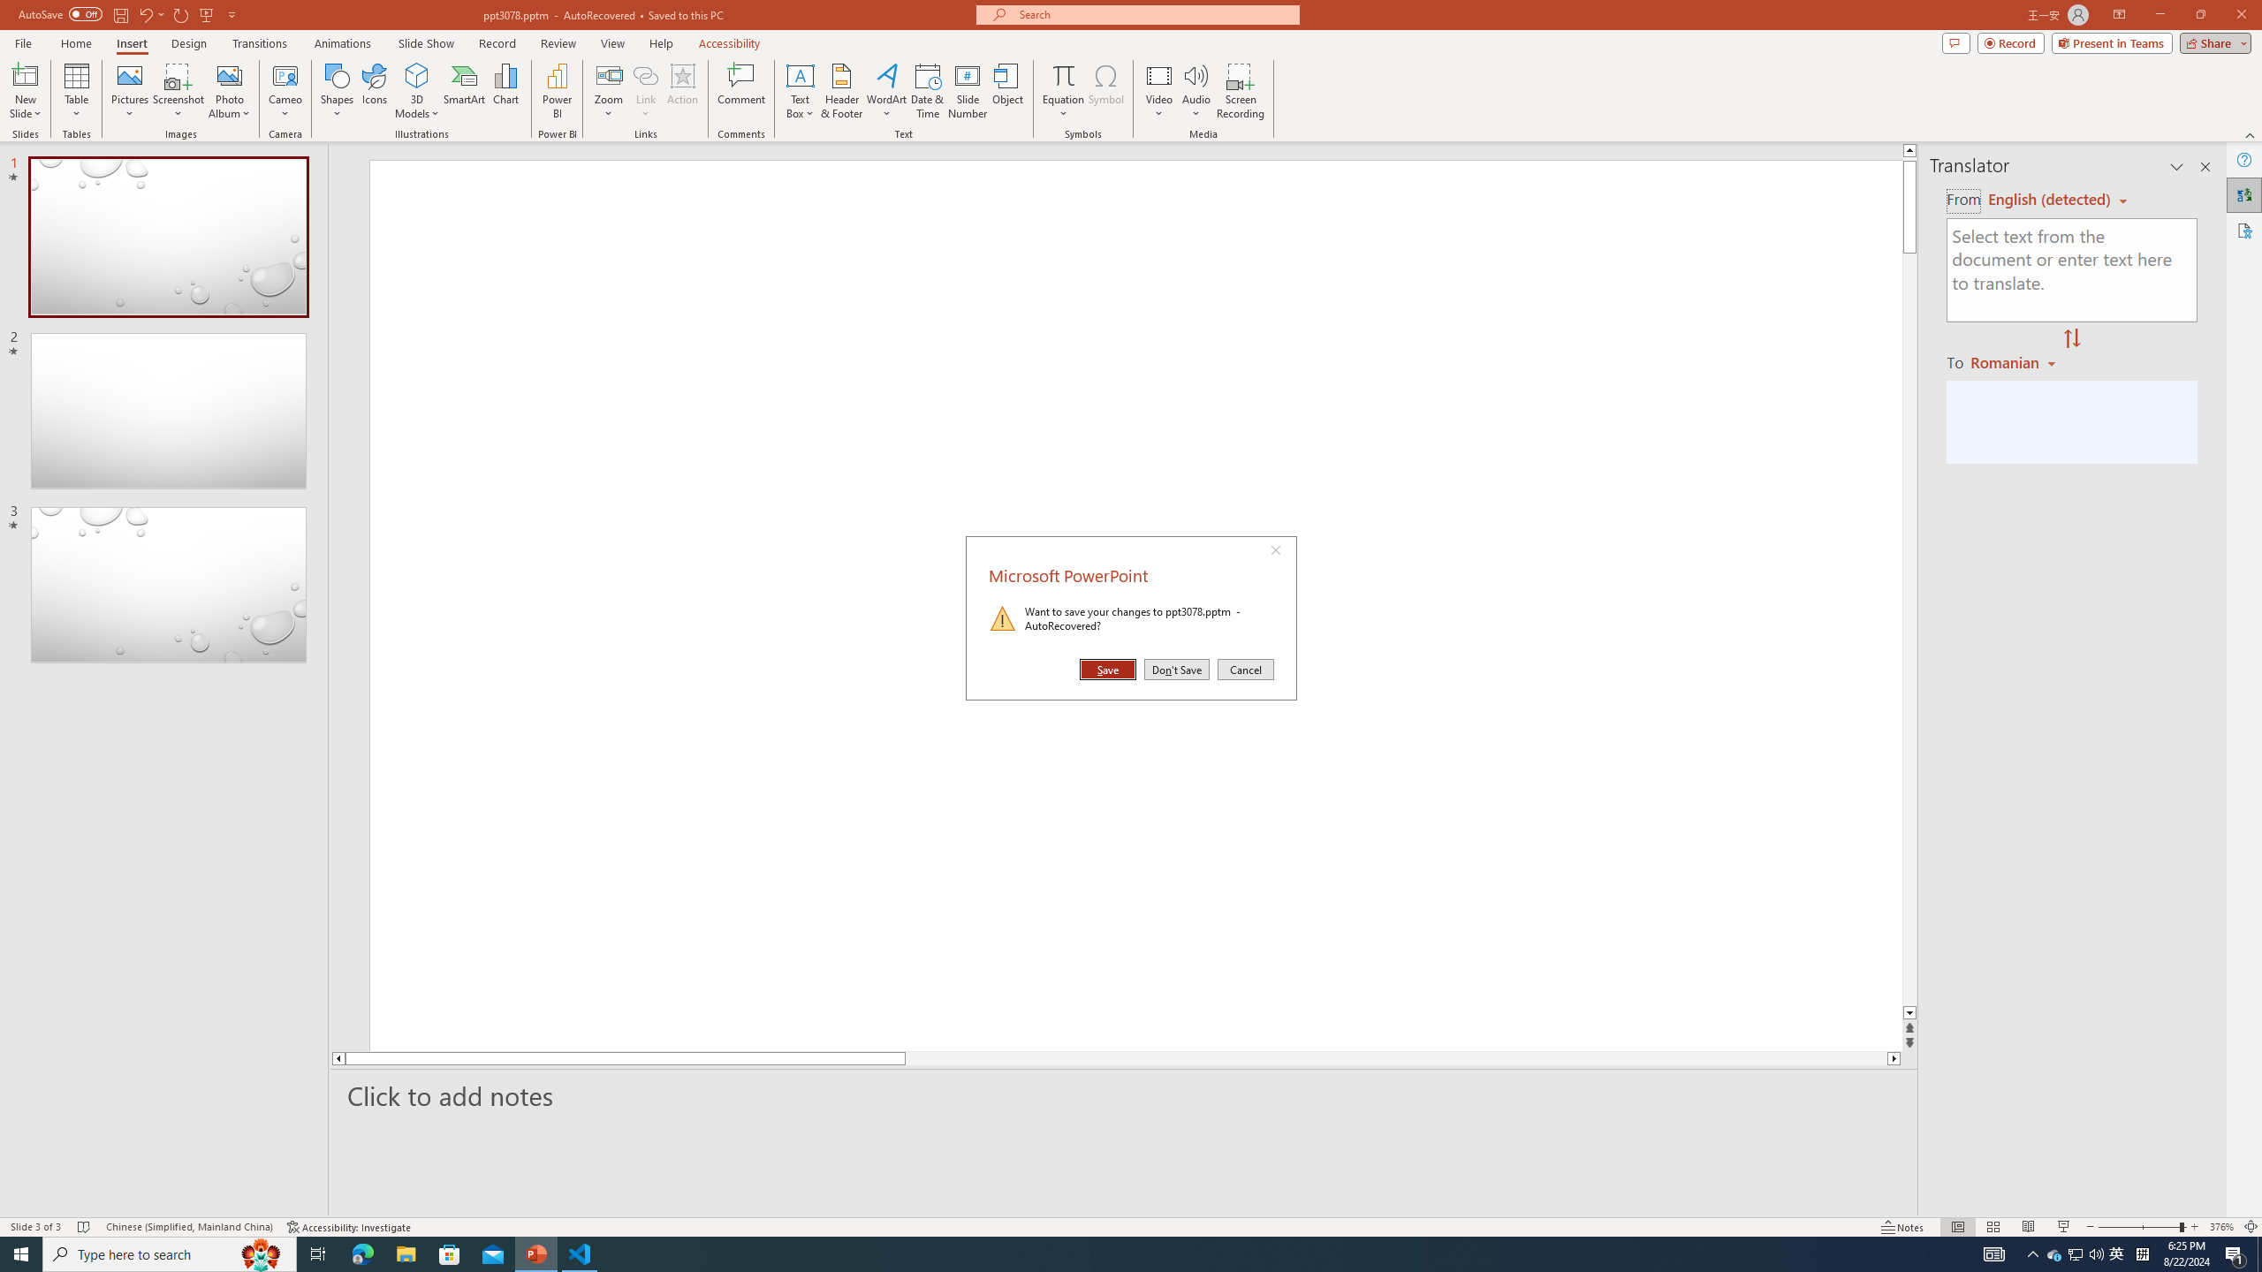  What do you see at coordinates (1062, 91) in the screenshot?
I see `'Equation'` at bounding box center [1062, 91].